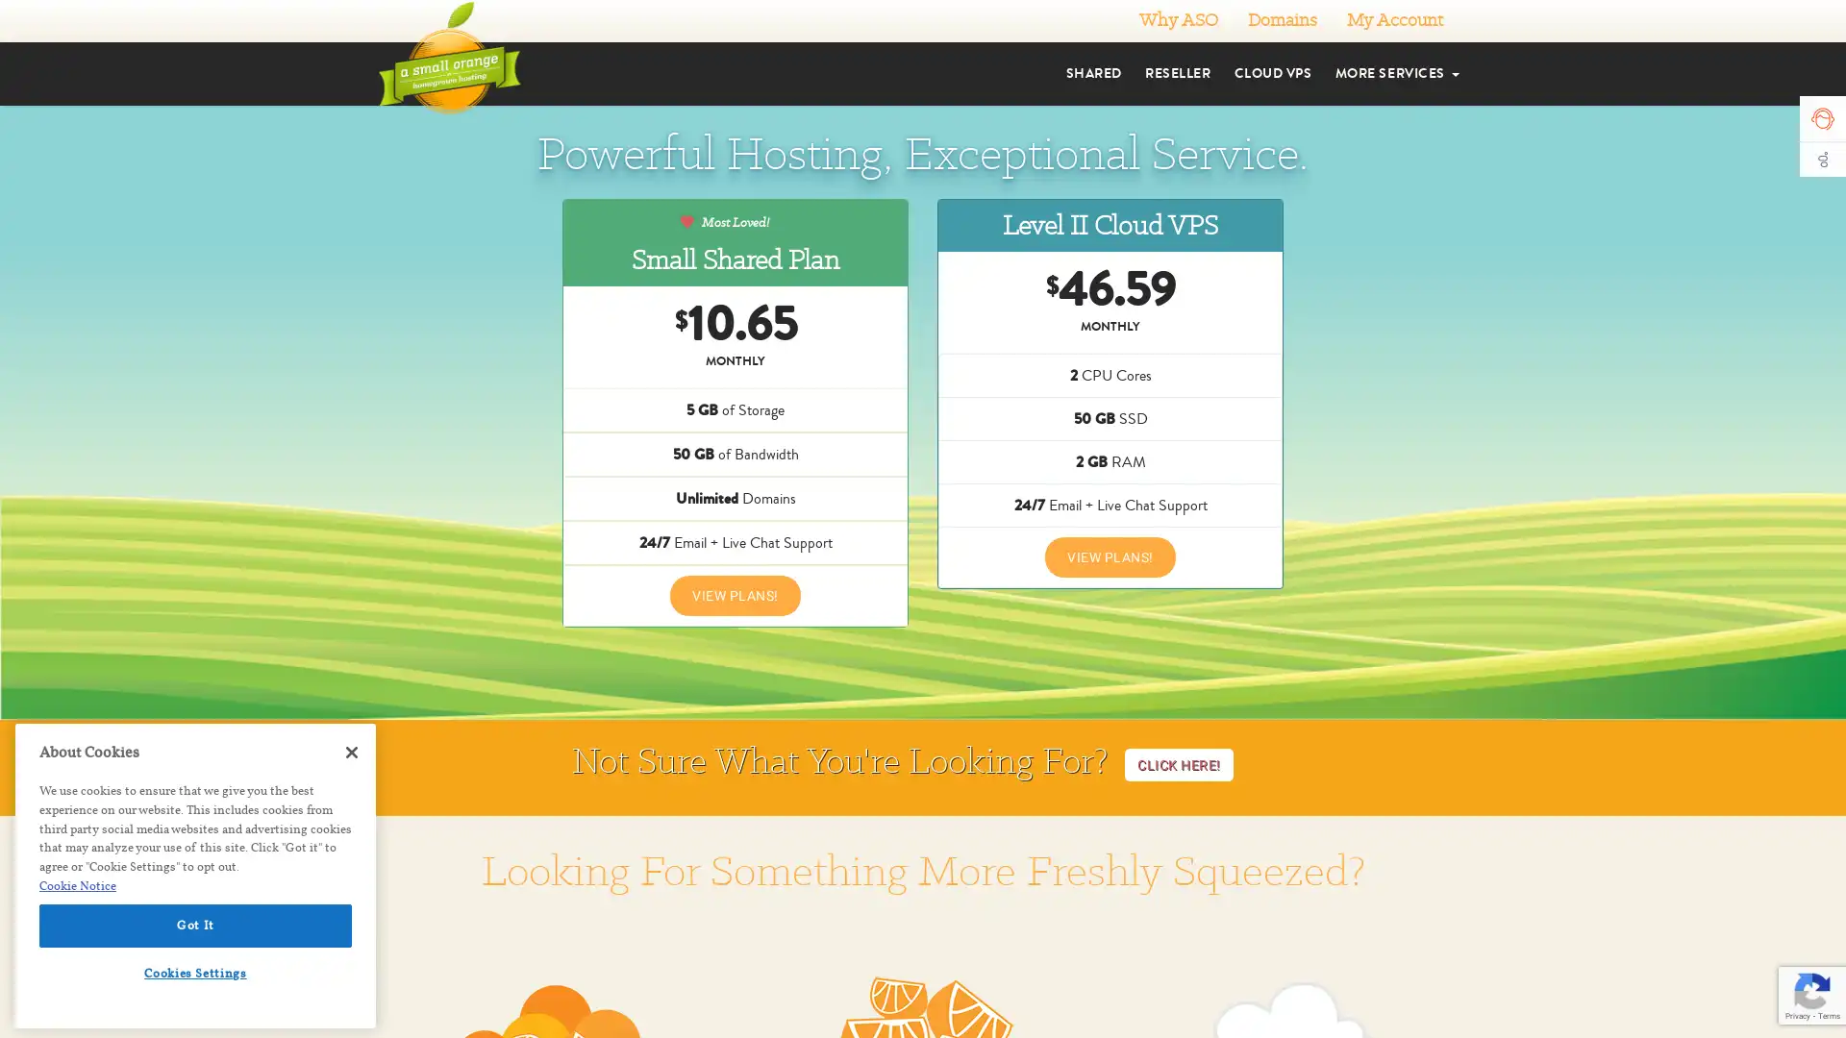  What do you see at coordinates (195, 973) in the screenshot?
I see `Cookies Settings` at bounding box center [195, 973].